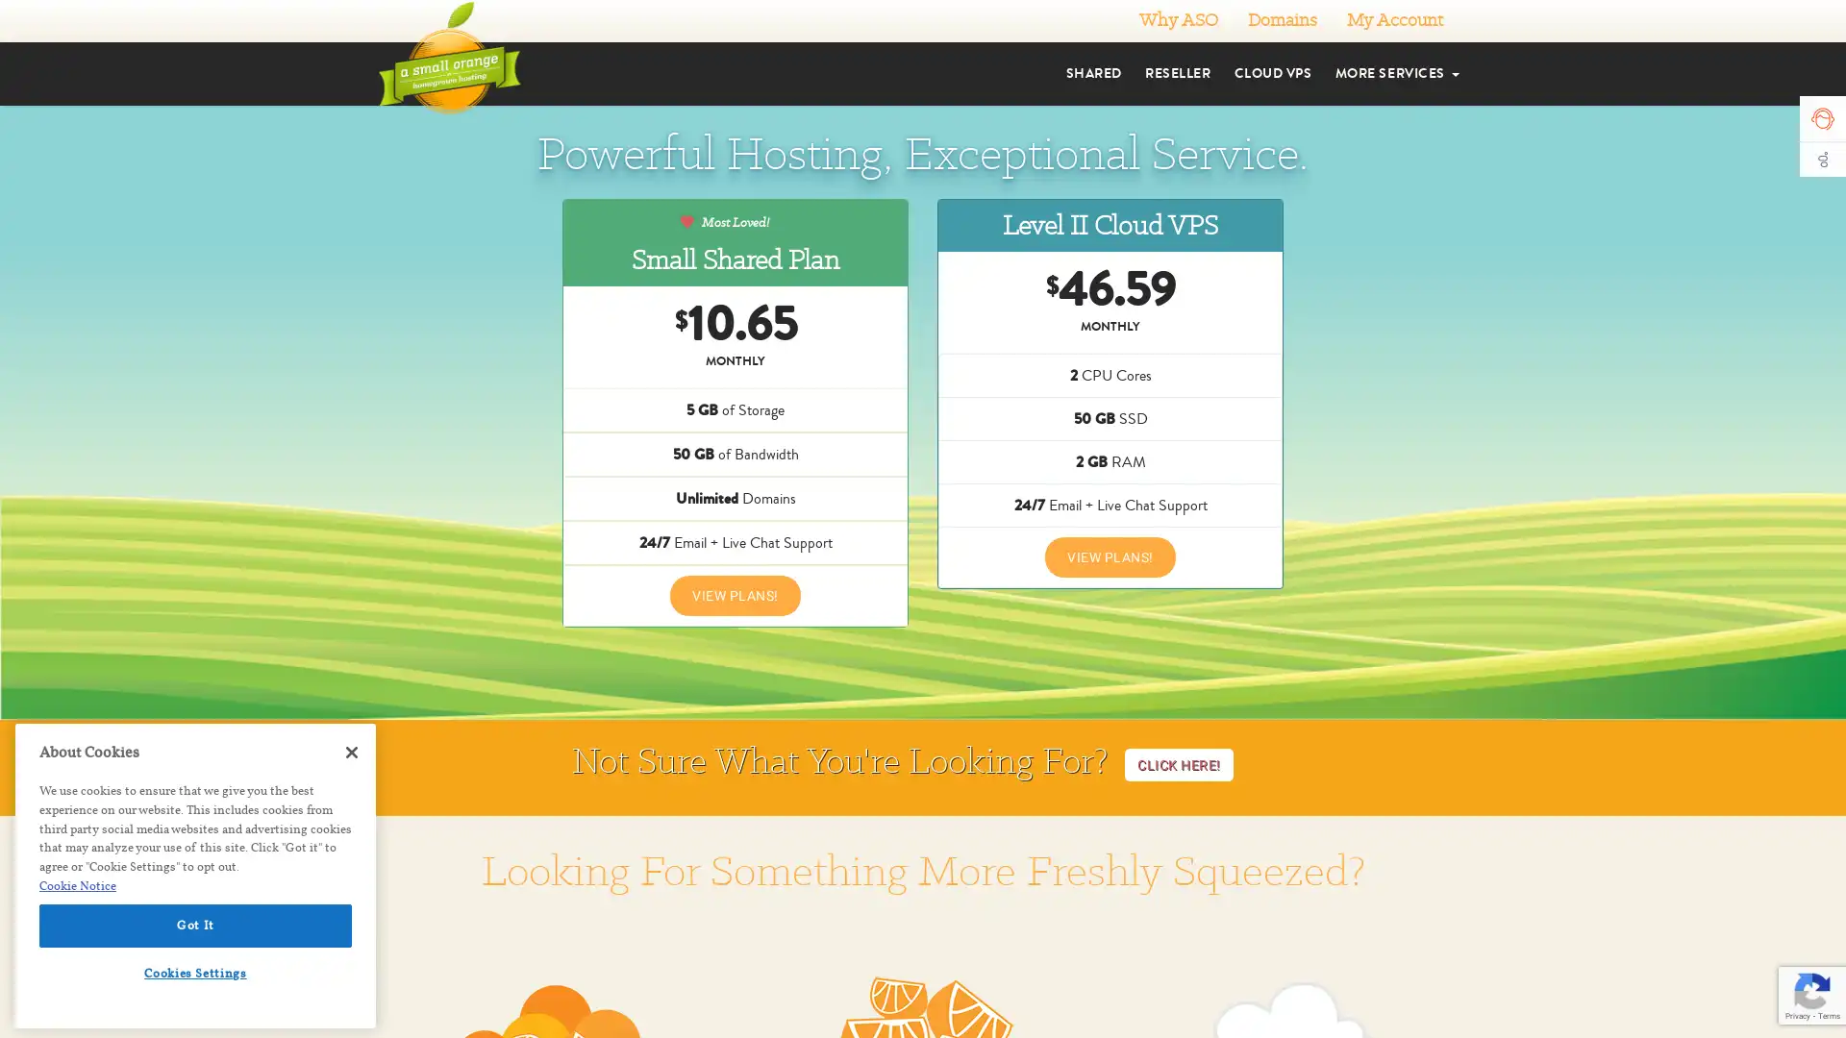  What do you see at coordinates (195, 973) in the screenshot?
I see `Cookies Settings` at bounding box center [195, 973].